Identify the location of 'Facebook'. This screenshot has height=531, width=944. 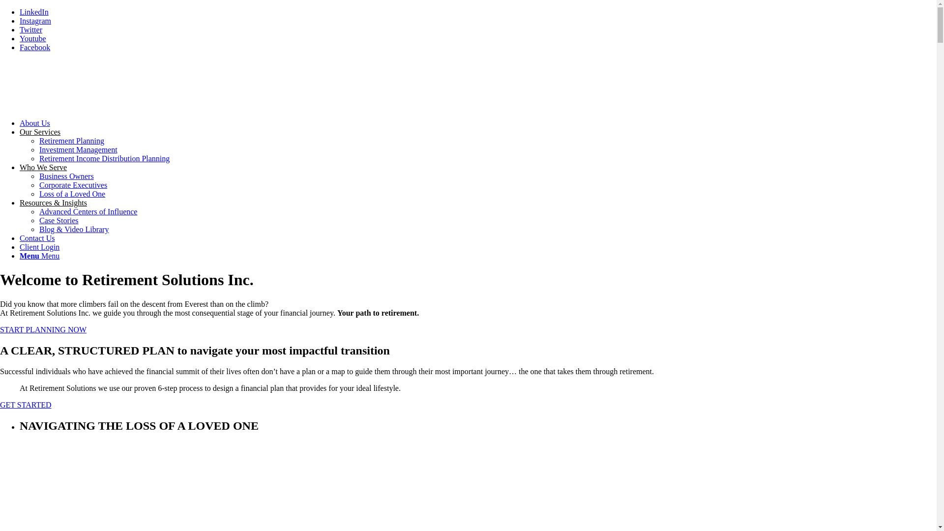
(35, 47).